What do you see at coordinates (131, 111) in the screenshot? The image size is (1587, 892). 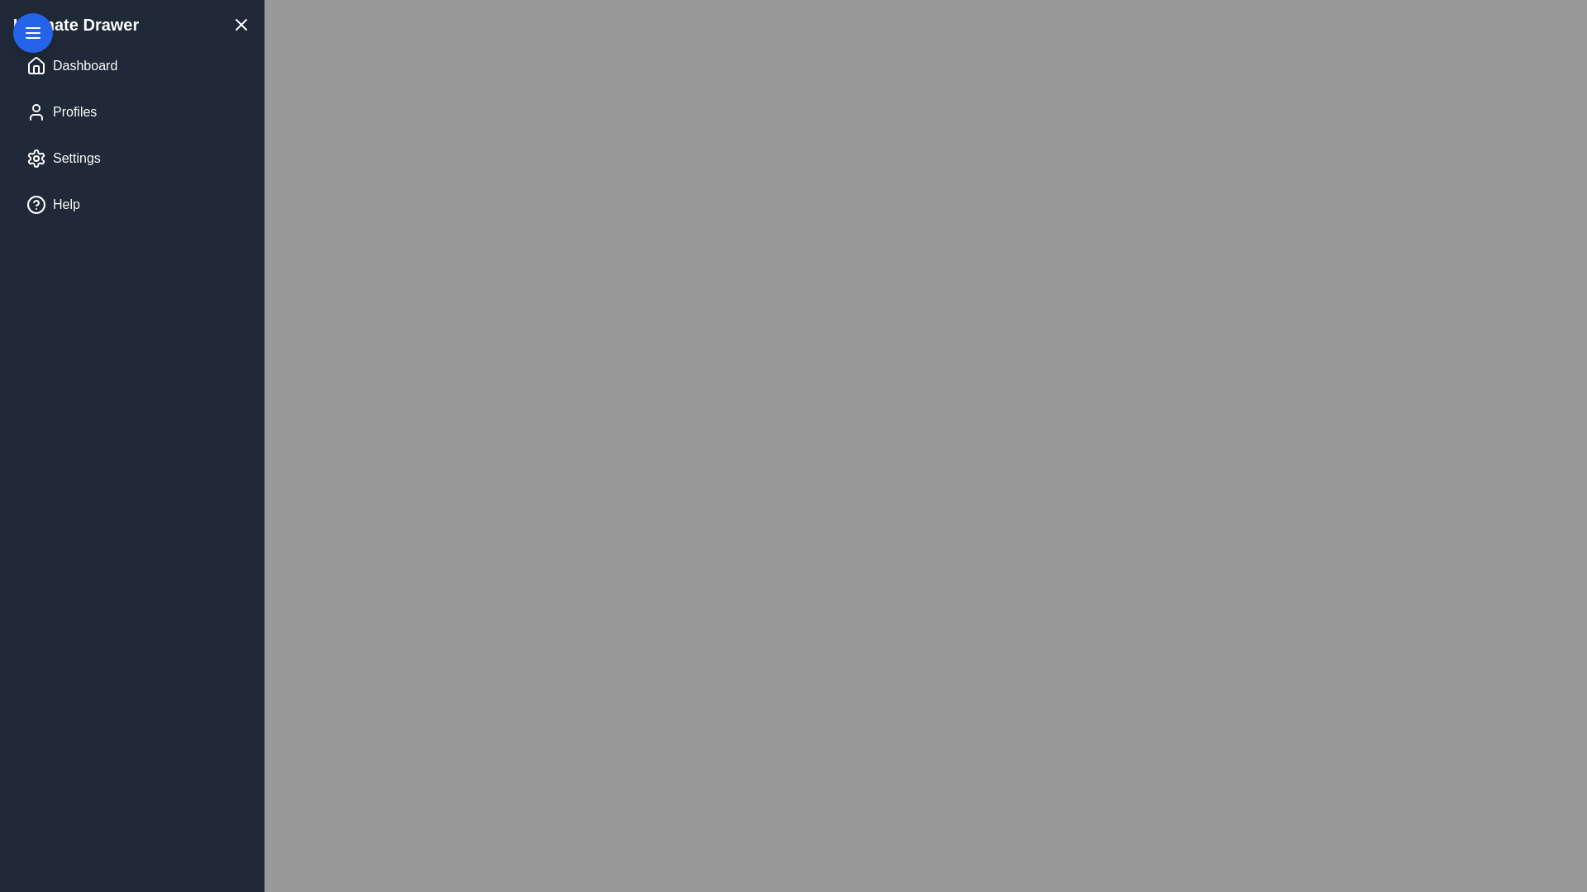 I see `the 'Profiles' Navigation Menu Item located in the vertical sidebar just below the 'Dashboard' item` at bounding box center [131, 111].